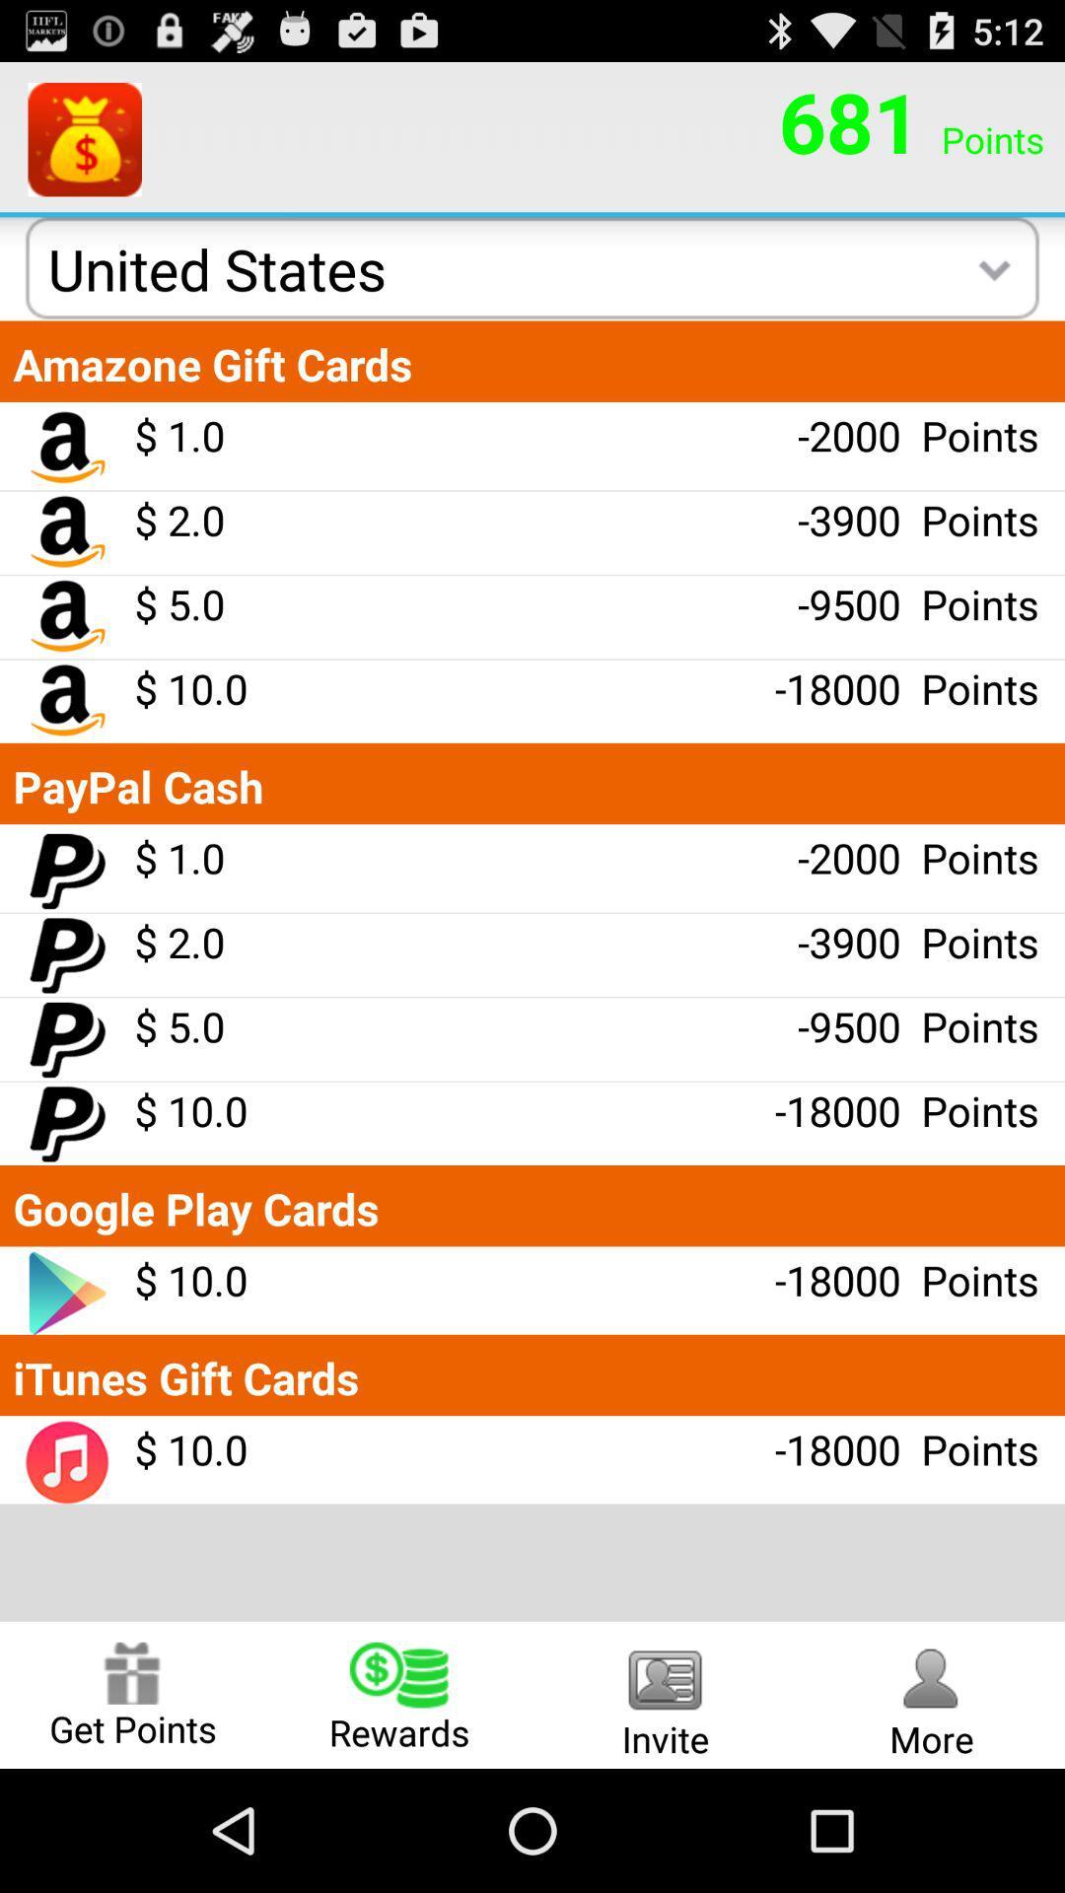 This screenshot has height=1893, width=1065. Describe the element at coordinates (932, 1694) in the screenshot. I see `the app below the -18000  points app` at that location.